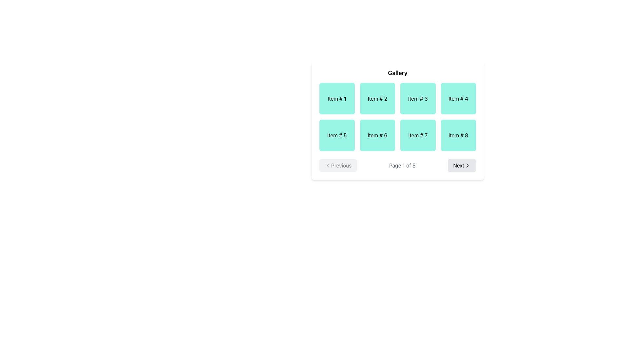  What do you see at coordinates (462, 165) in the screenshot?
I see `the rightmost button in the pagination controls below the gallery` at bounding box center [462, 165].